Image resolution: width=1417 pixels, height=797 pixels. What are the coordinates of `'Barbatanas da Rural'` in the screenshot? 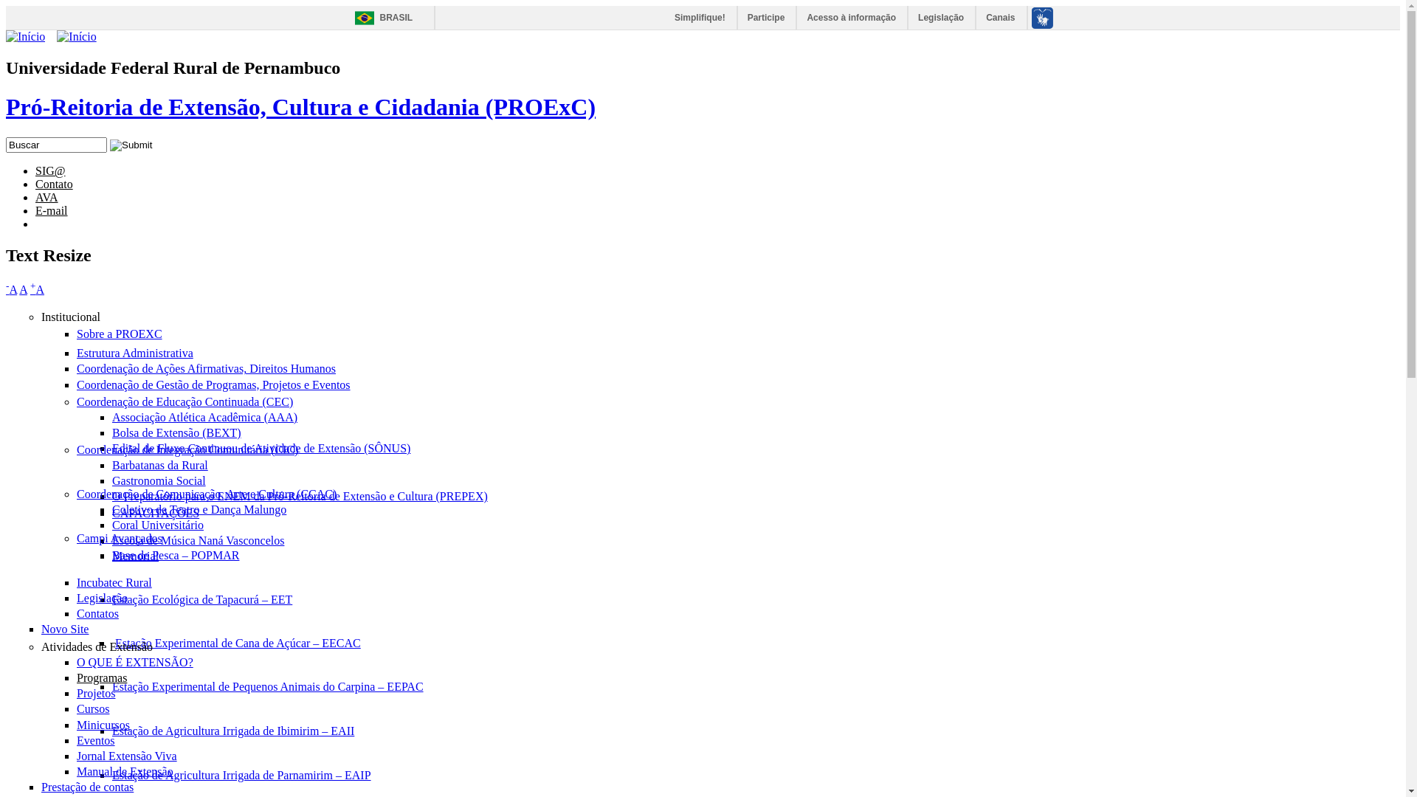 It's located at (159, 465).